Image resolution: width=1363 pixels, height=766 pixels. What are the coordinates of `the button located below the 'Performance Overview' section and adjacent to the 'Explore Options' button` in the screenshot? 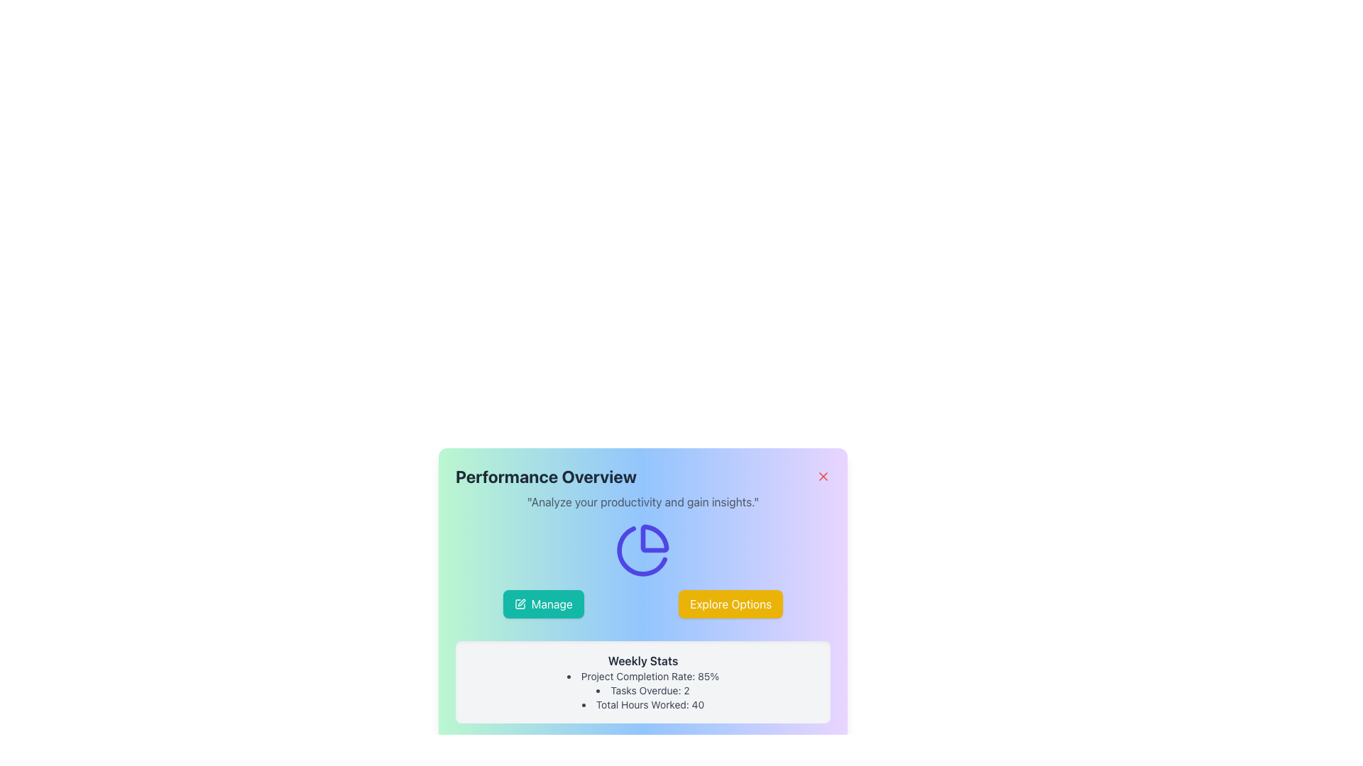 It's located at (542, 604).